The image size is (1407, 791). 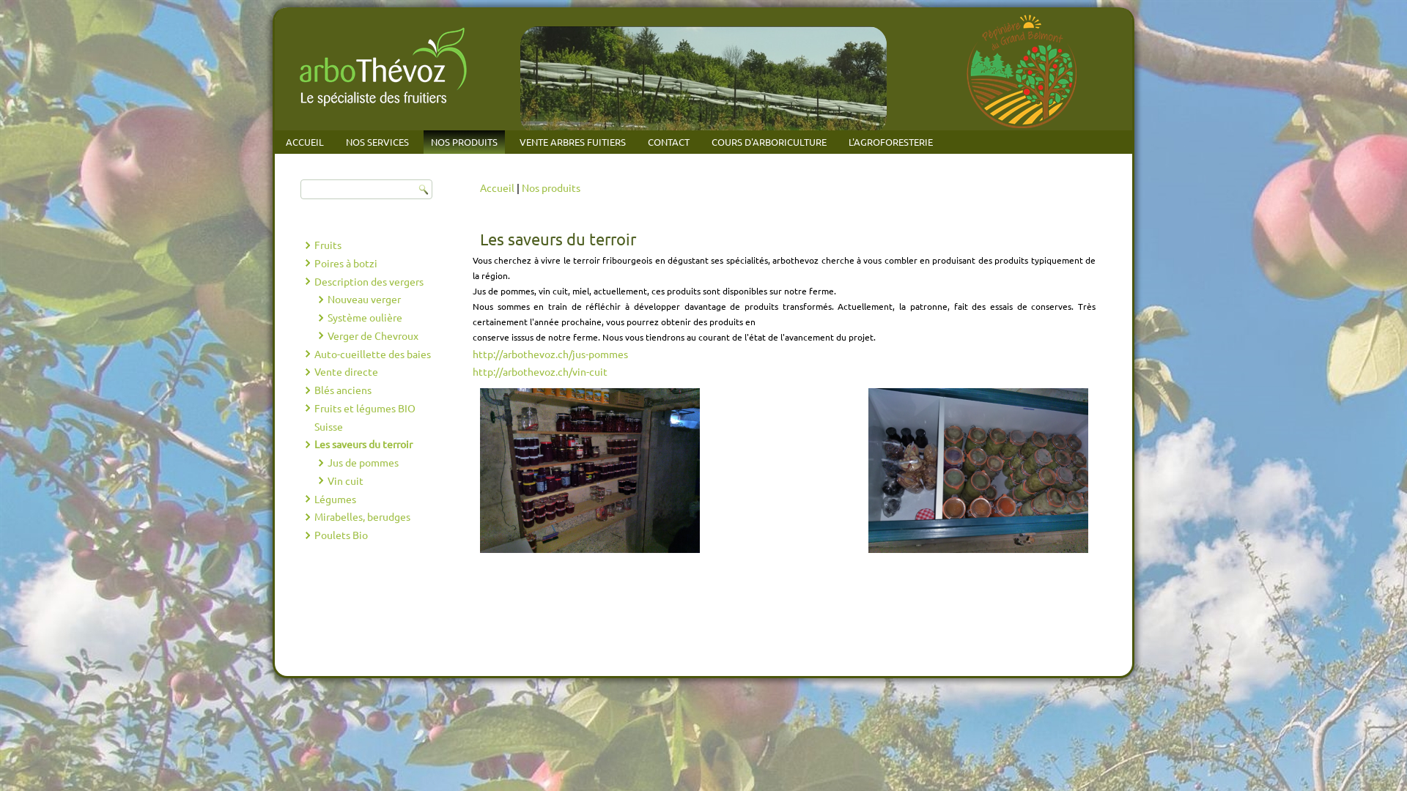 I want to click on 'Verger de Chevroux', so click(x=372, y=335).